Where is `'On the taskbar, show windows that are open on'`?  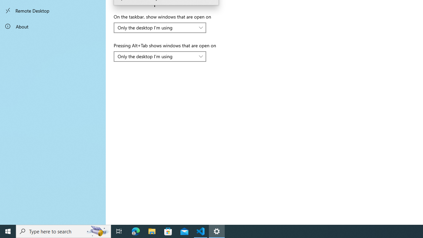
'On the taskbar, show windows that are open on' is located at coordinates (160, 27).